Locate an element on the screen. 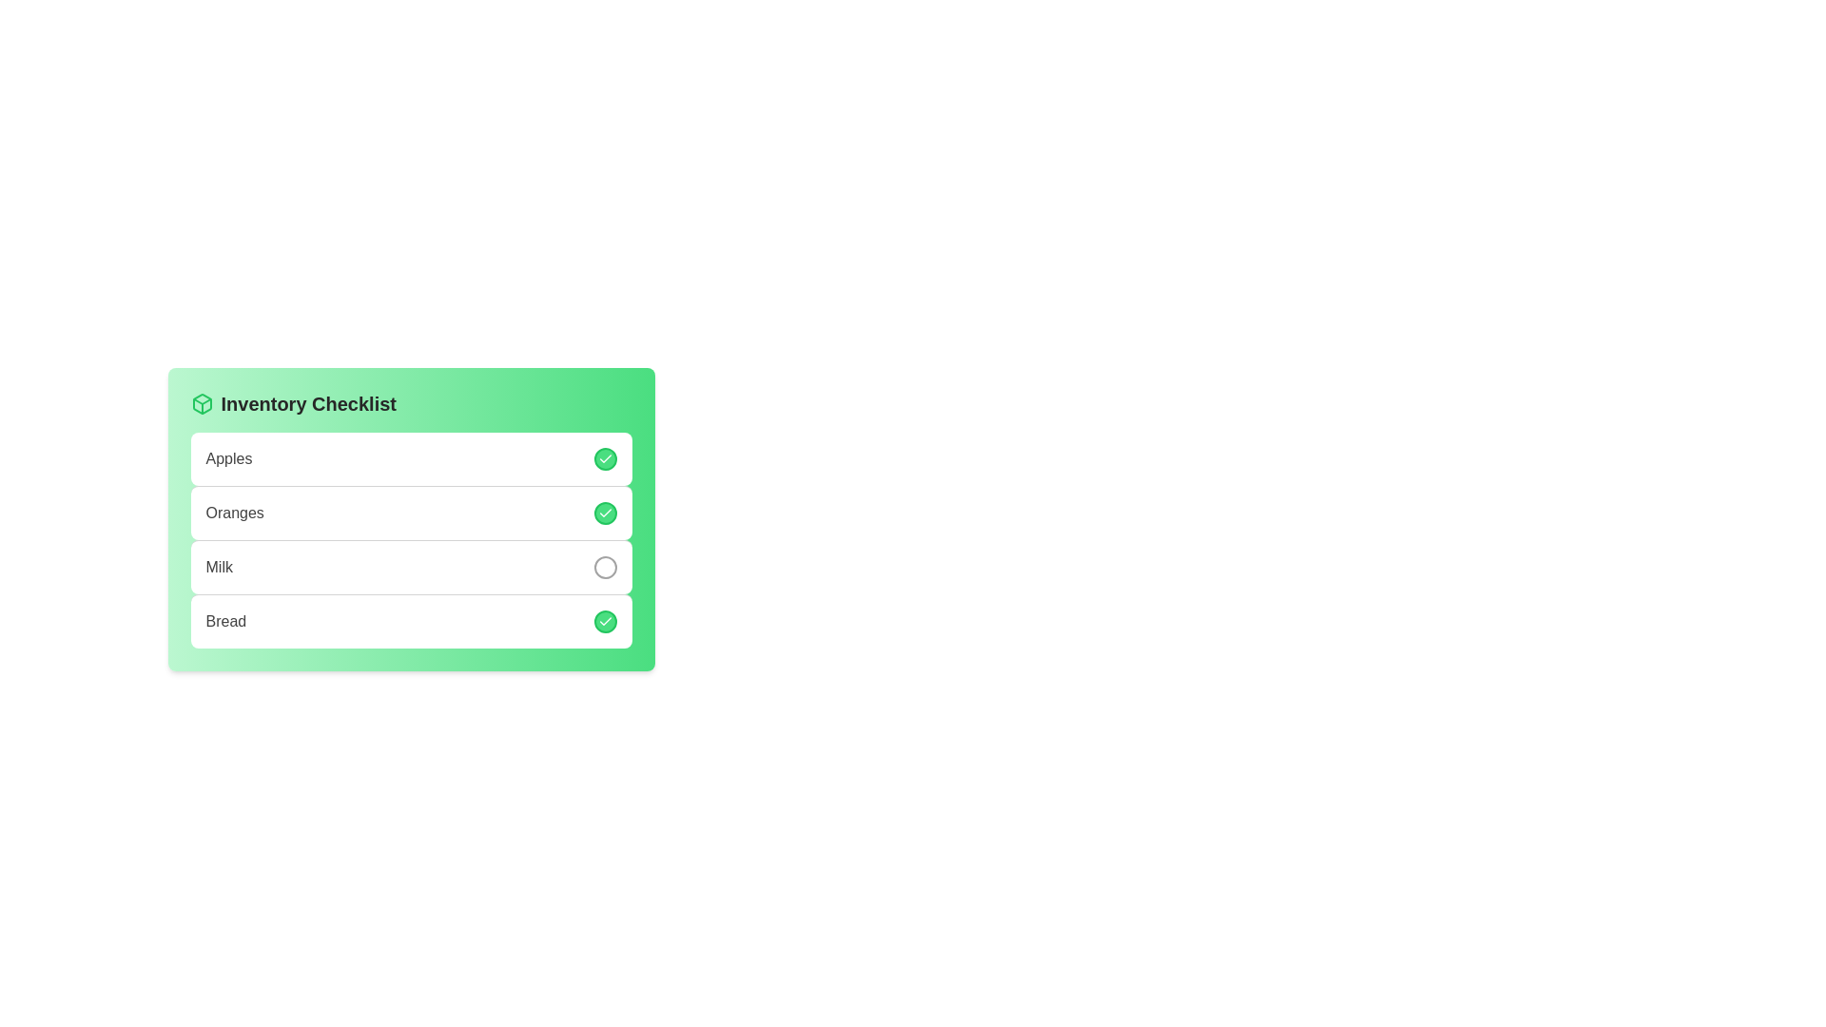  the checkbox for 'Oranges' in the 'Inventory Checklist' is located at coordinates (410, 519).